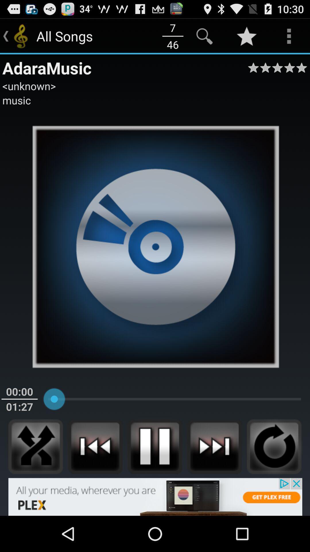 Image resolution: width=310 pixels, height=552 pixels. Describe the element at coordinates (155, 446) in the screenshot. I see `the pause` at that location.